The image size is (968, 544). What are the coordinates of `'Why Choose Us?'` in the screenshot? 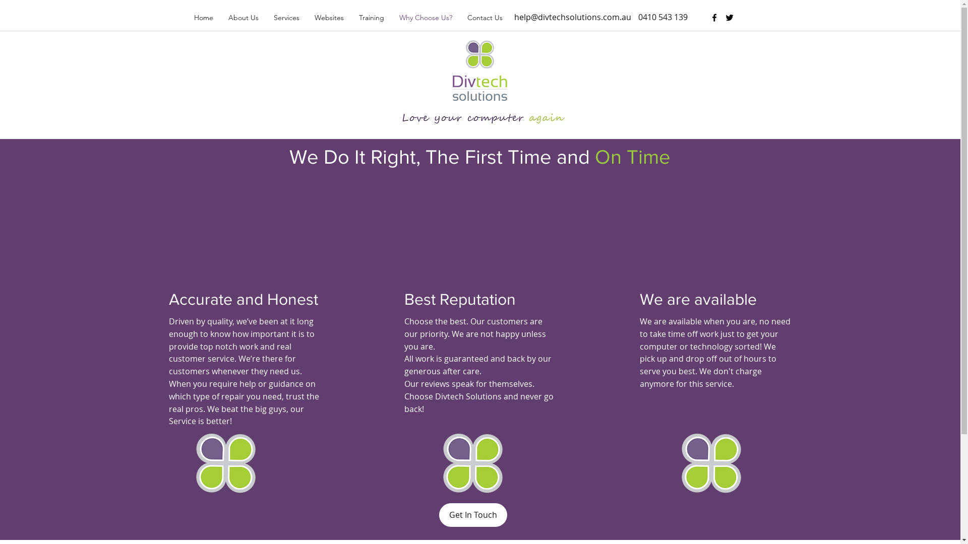 It's located at (425, 17).